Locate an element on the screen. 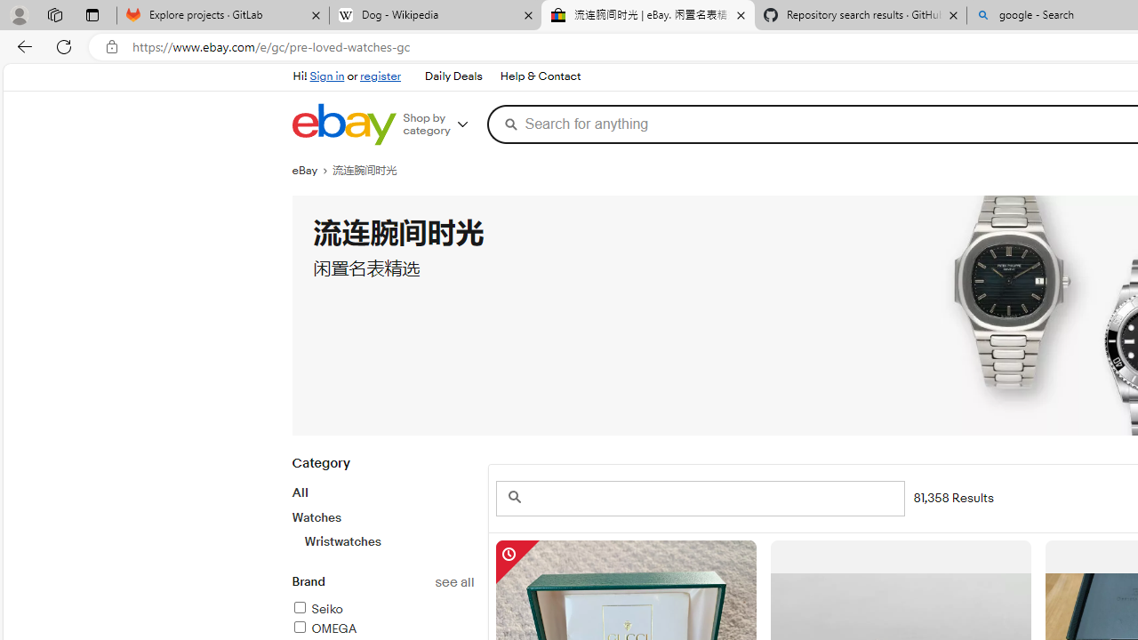 The width and height of the screenshot is (1138, 640). 'eBay' is located at coordinates (312, 171).